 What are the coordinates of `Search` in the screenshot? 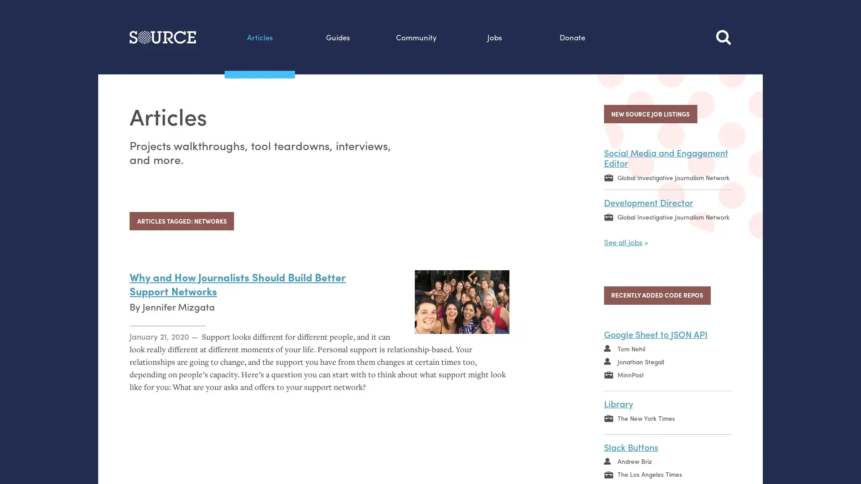 It's located at (723, 117).